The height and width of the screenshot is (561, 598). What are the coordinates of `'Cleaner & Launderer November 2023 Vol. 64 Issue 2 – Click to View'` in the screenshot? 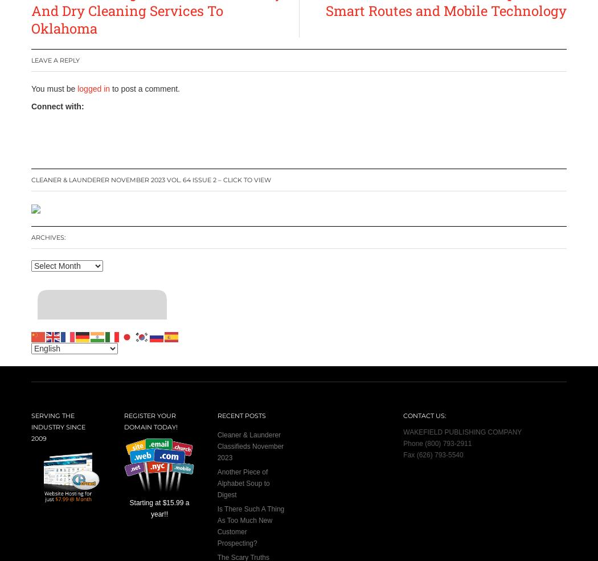 It's located at (150, 179).